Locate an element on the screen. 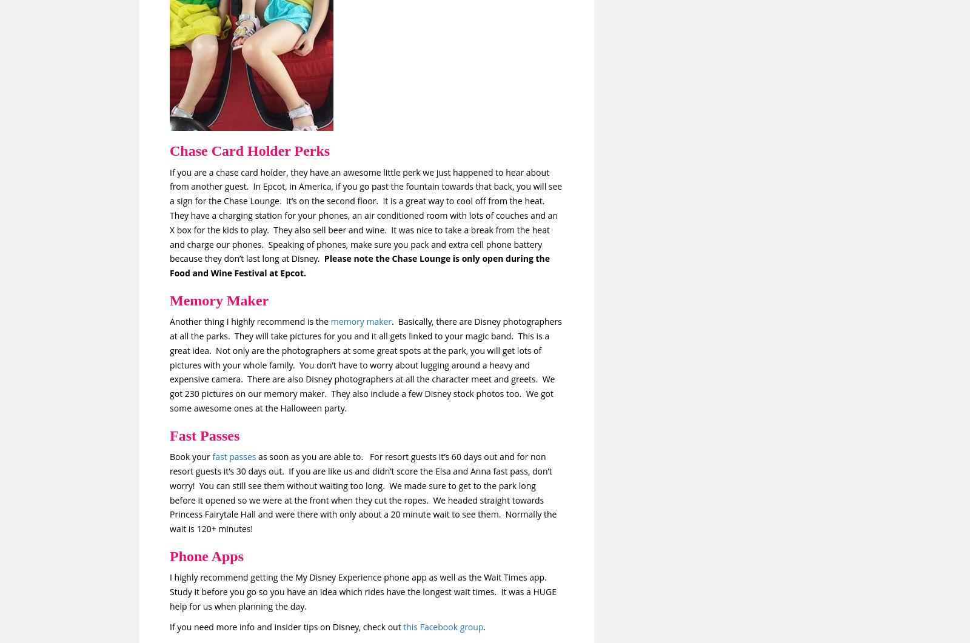 This screenshot has height=643, width=970. 'Another thing I highly recommend is the' is located at coordinates (249, 321).